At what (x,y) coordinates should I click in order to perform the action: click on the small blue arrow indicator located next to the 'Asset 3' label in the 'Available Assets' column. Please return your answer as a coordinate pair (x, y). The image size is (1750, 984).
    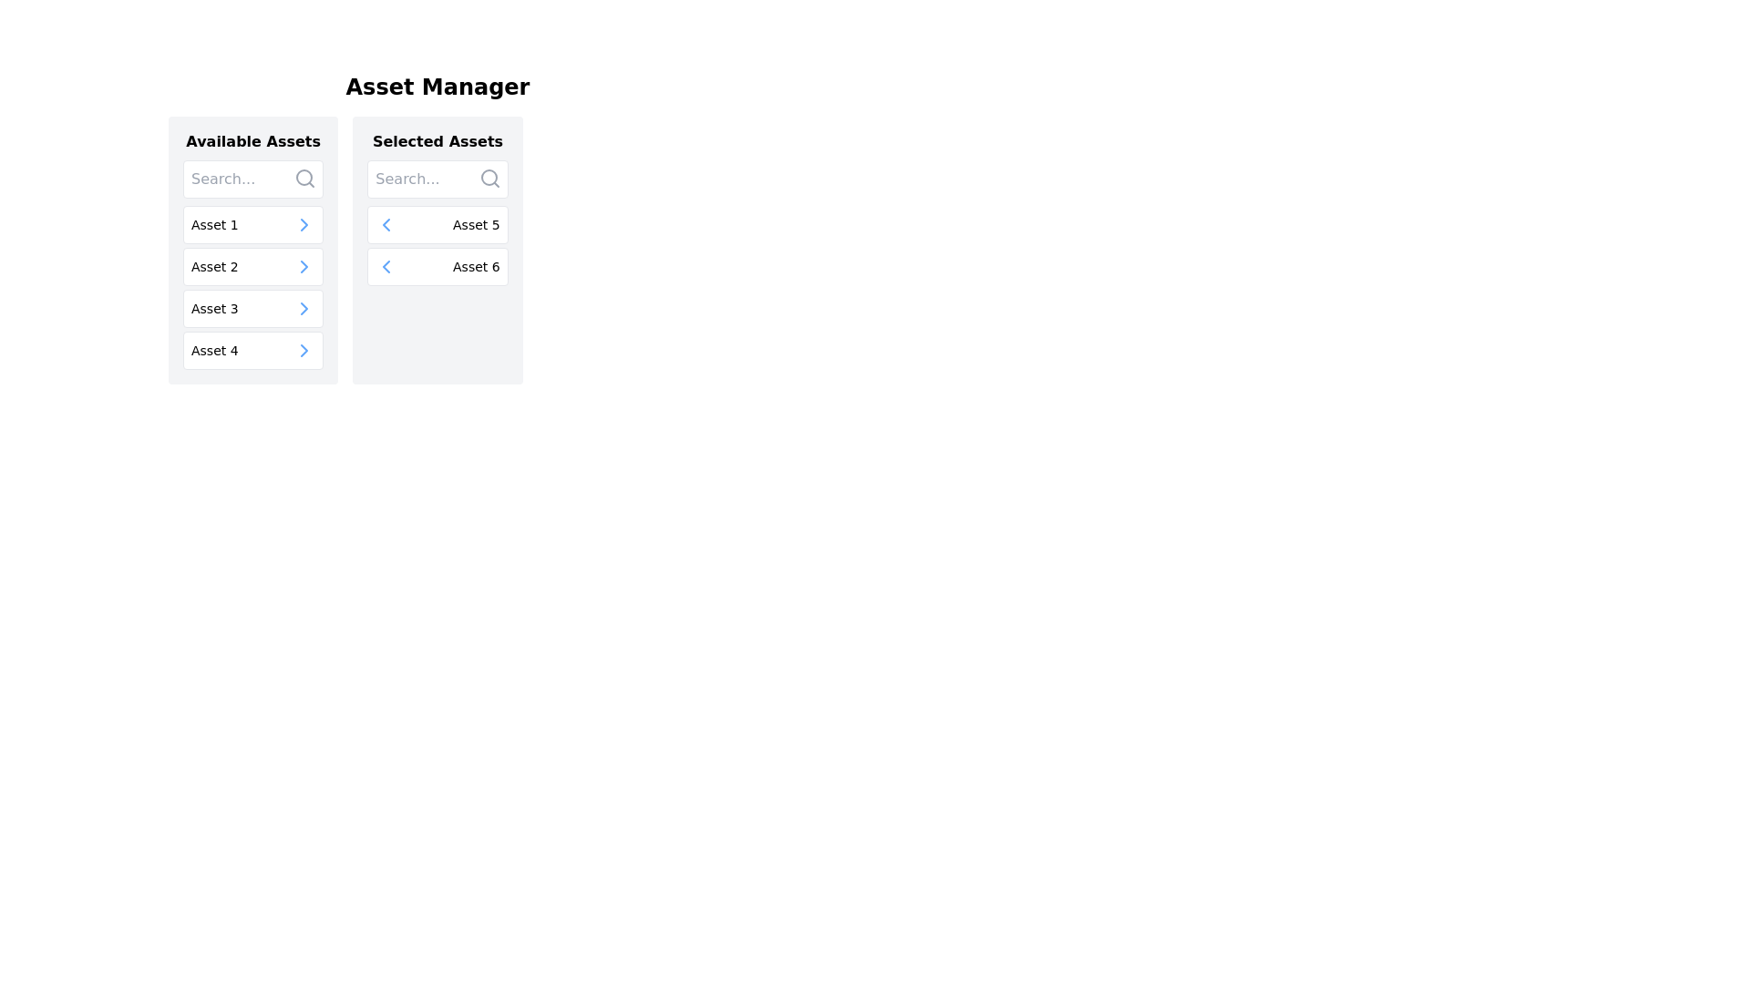
    Looking at the image, I should click on (304, 308).